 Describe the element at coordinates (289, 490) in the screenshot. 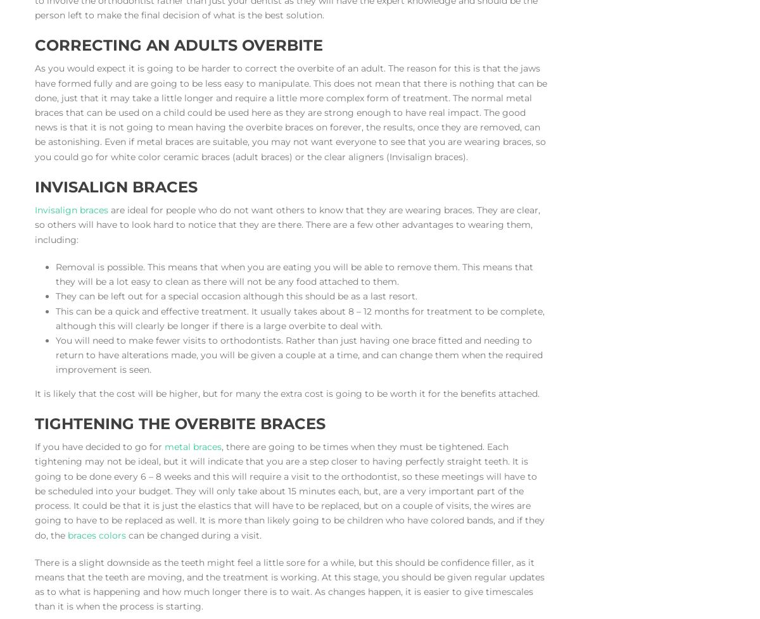

I see `', there are going to be times when they must be tightened. Each tightening may not be ideal, but it will indicate that you are a step closer to having perfectly straight teeth. It is going to be done every 6 – 8 weeks and this will require a visit to the orthodontist, so these meetings will have to be scheduled into your budget. They will only take about 15 minutes each, but, are a very important part of the process. It could be that it is just the elastics that will have to be replaced, but on a couple of visits, the wires are going to have to be replaced as well. It is more than likely going to be children who have colored bands, and if they do, the'` at that location.